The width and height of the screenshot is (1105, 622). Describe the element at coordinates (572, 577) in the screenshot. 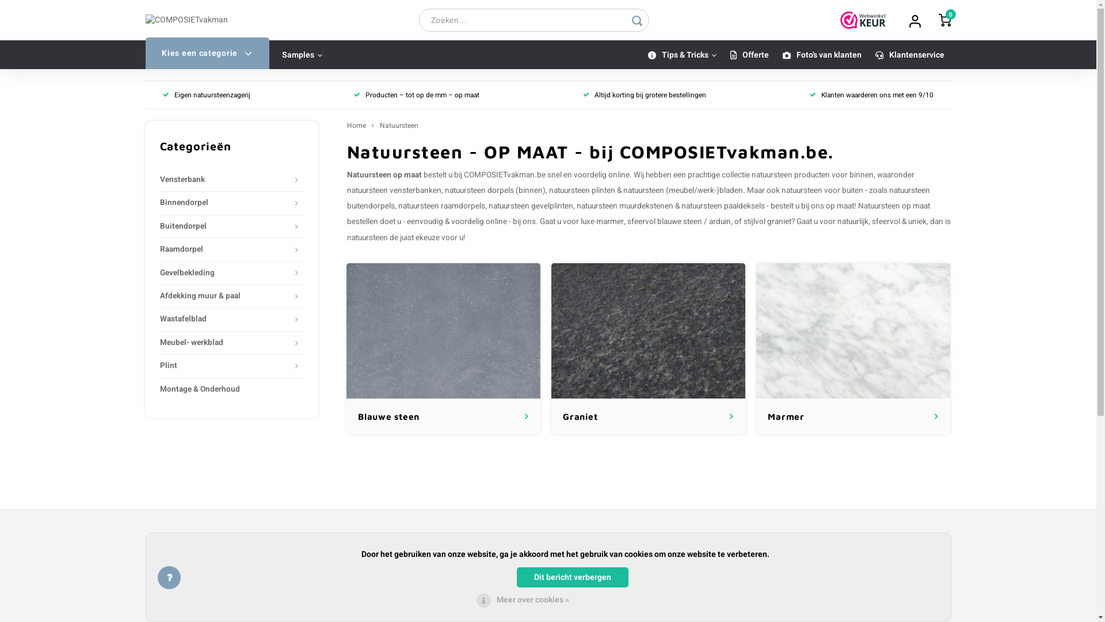

I see `'Dit bericht verbergen'` at that location.